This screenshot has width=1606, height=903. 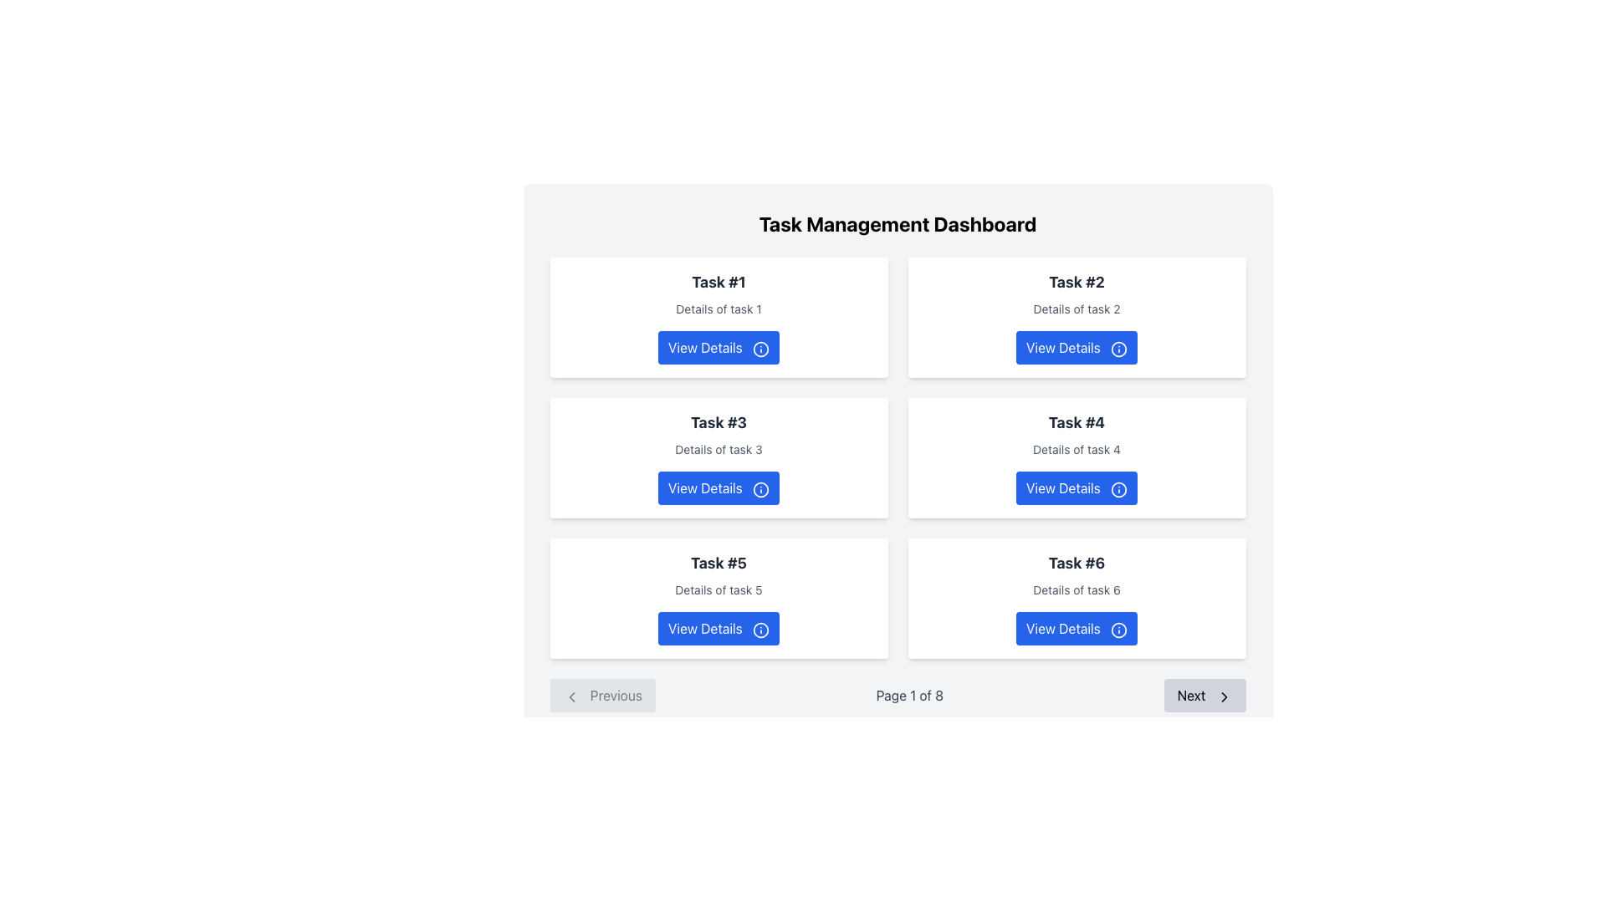 I want to click on the circular SVG element associated with the 'View Details' button in the task card for 'Task #6', so click(x=1119, y=630).